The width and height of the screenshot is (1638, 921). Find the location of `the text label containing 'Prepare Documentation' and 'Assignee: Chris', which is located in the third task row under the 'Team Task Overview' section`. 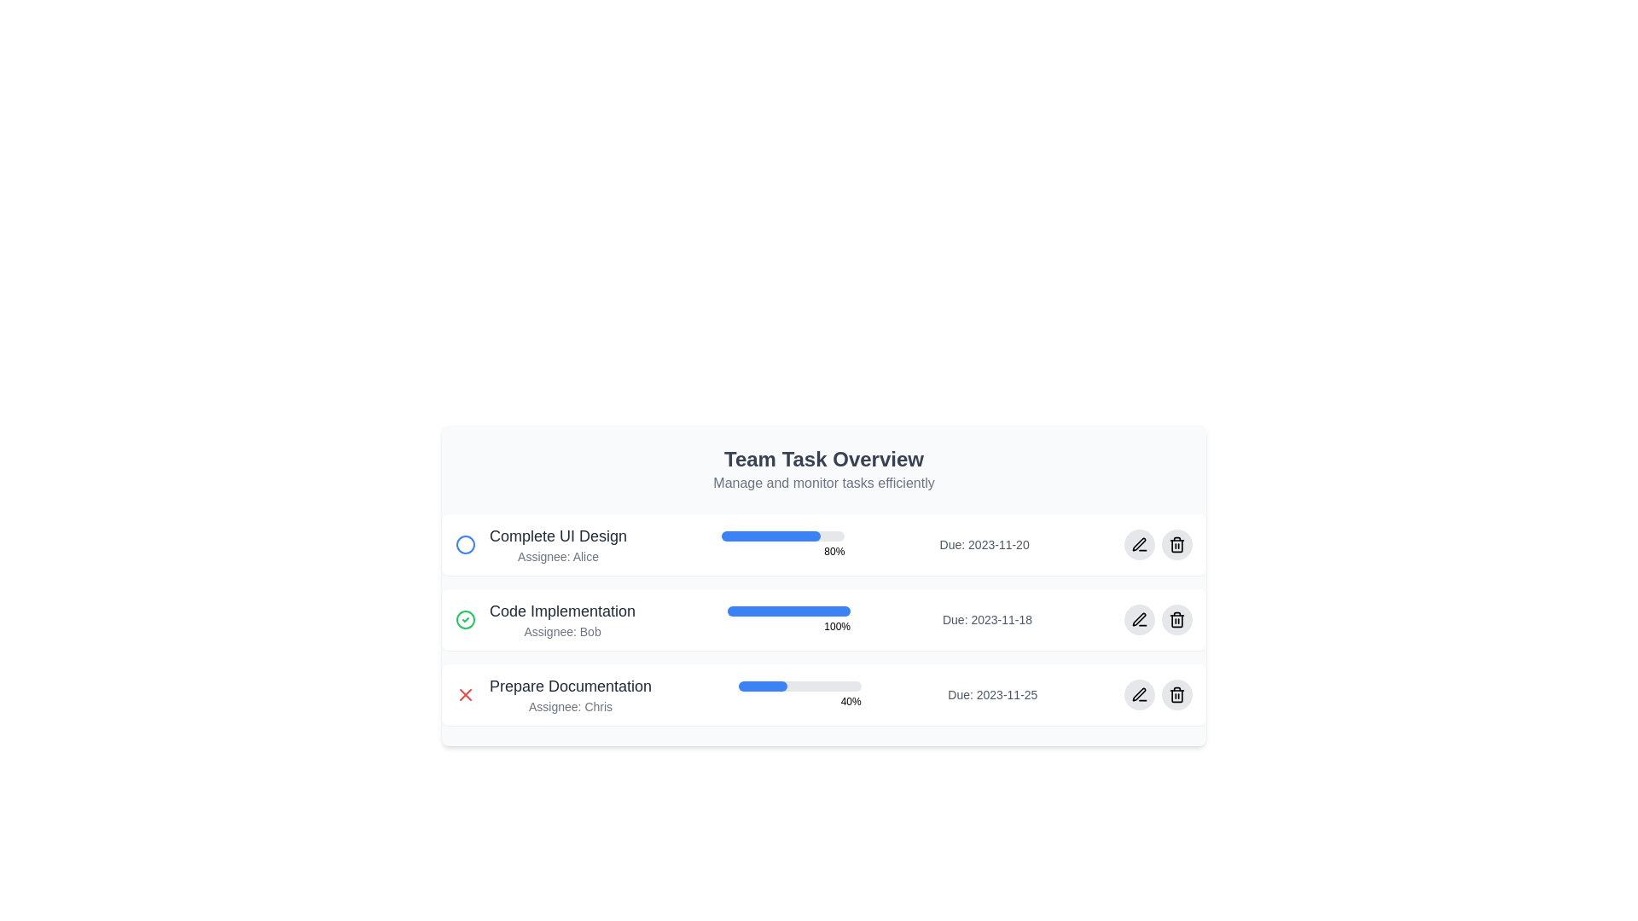

the text label containing 'Prepare Documentation' and 'Assignee: Chris', which is located in the third task row under the 'Team Task Overview' section is located at coordinates (571, 694).